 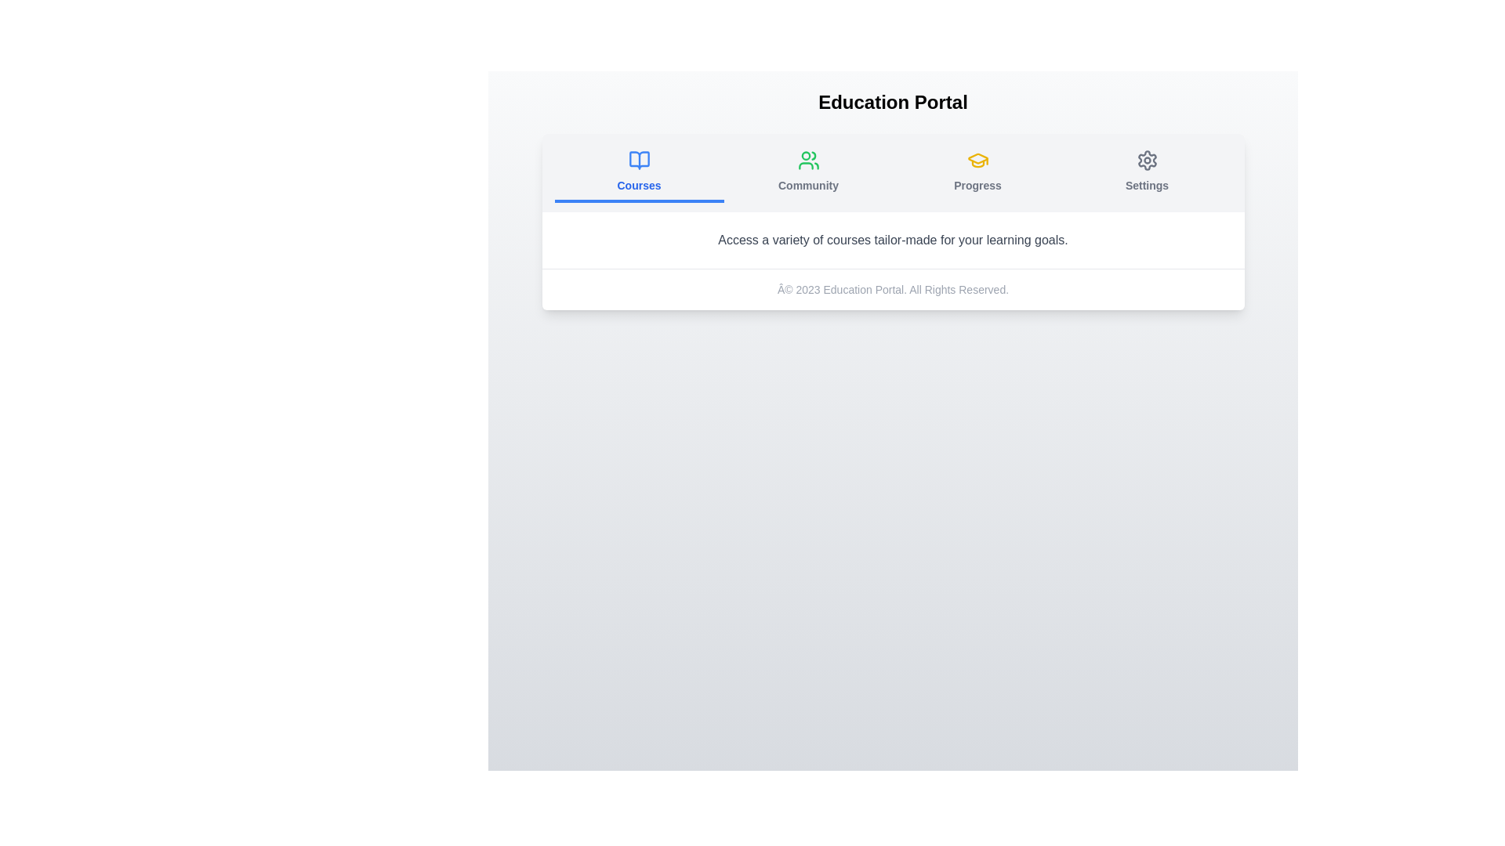 I want to click on the Navigation tab button, which features a blue book icon and the label 'Courses' underneath it, to trigger hover effects, so click(x=639, y=172).